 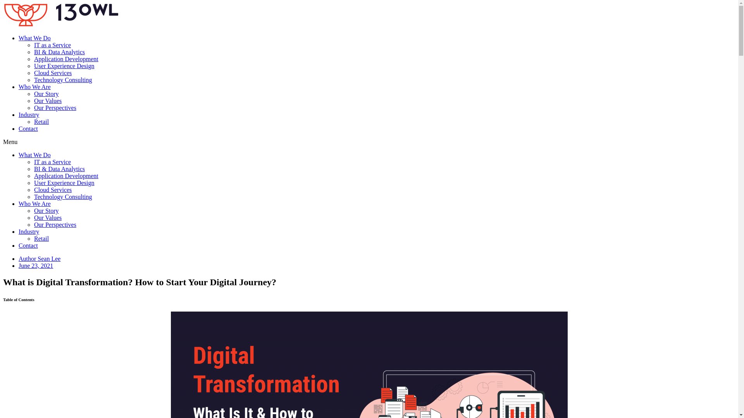 I want to click on 'What We Do', so click(x=34, y=155).